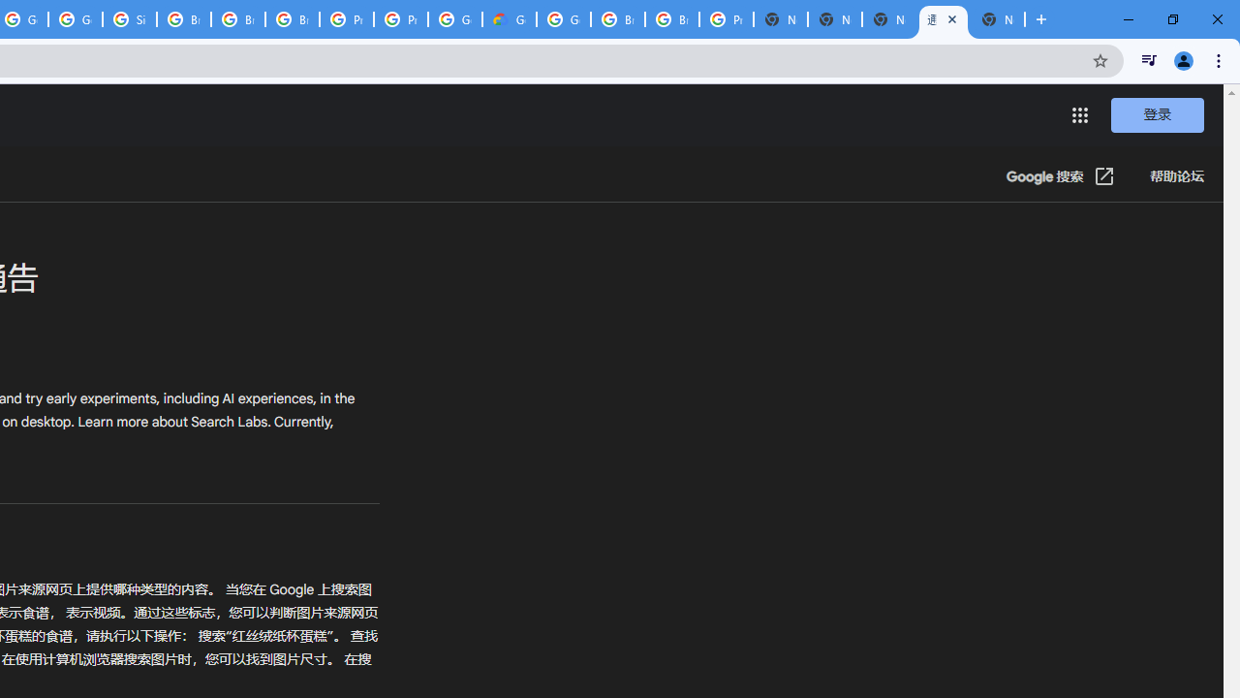 This screenshot has height=698, width=1240. Describe the element at coordinates (129, 19) in the screenshot. I see `'Sign in - Google Accounts'` at that location.